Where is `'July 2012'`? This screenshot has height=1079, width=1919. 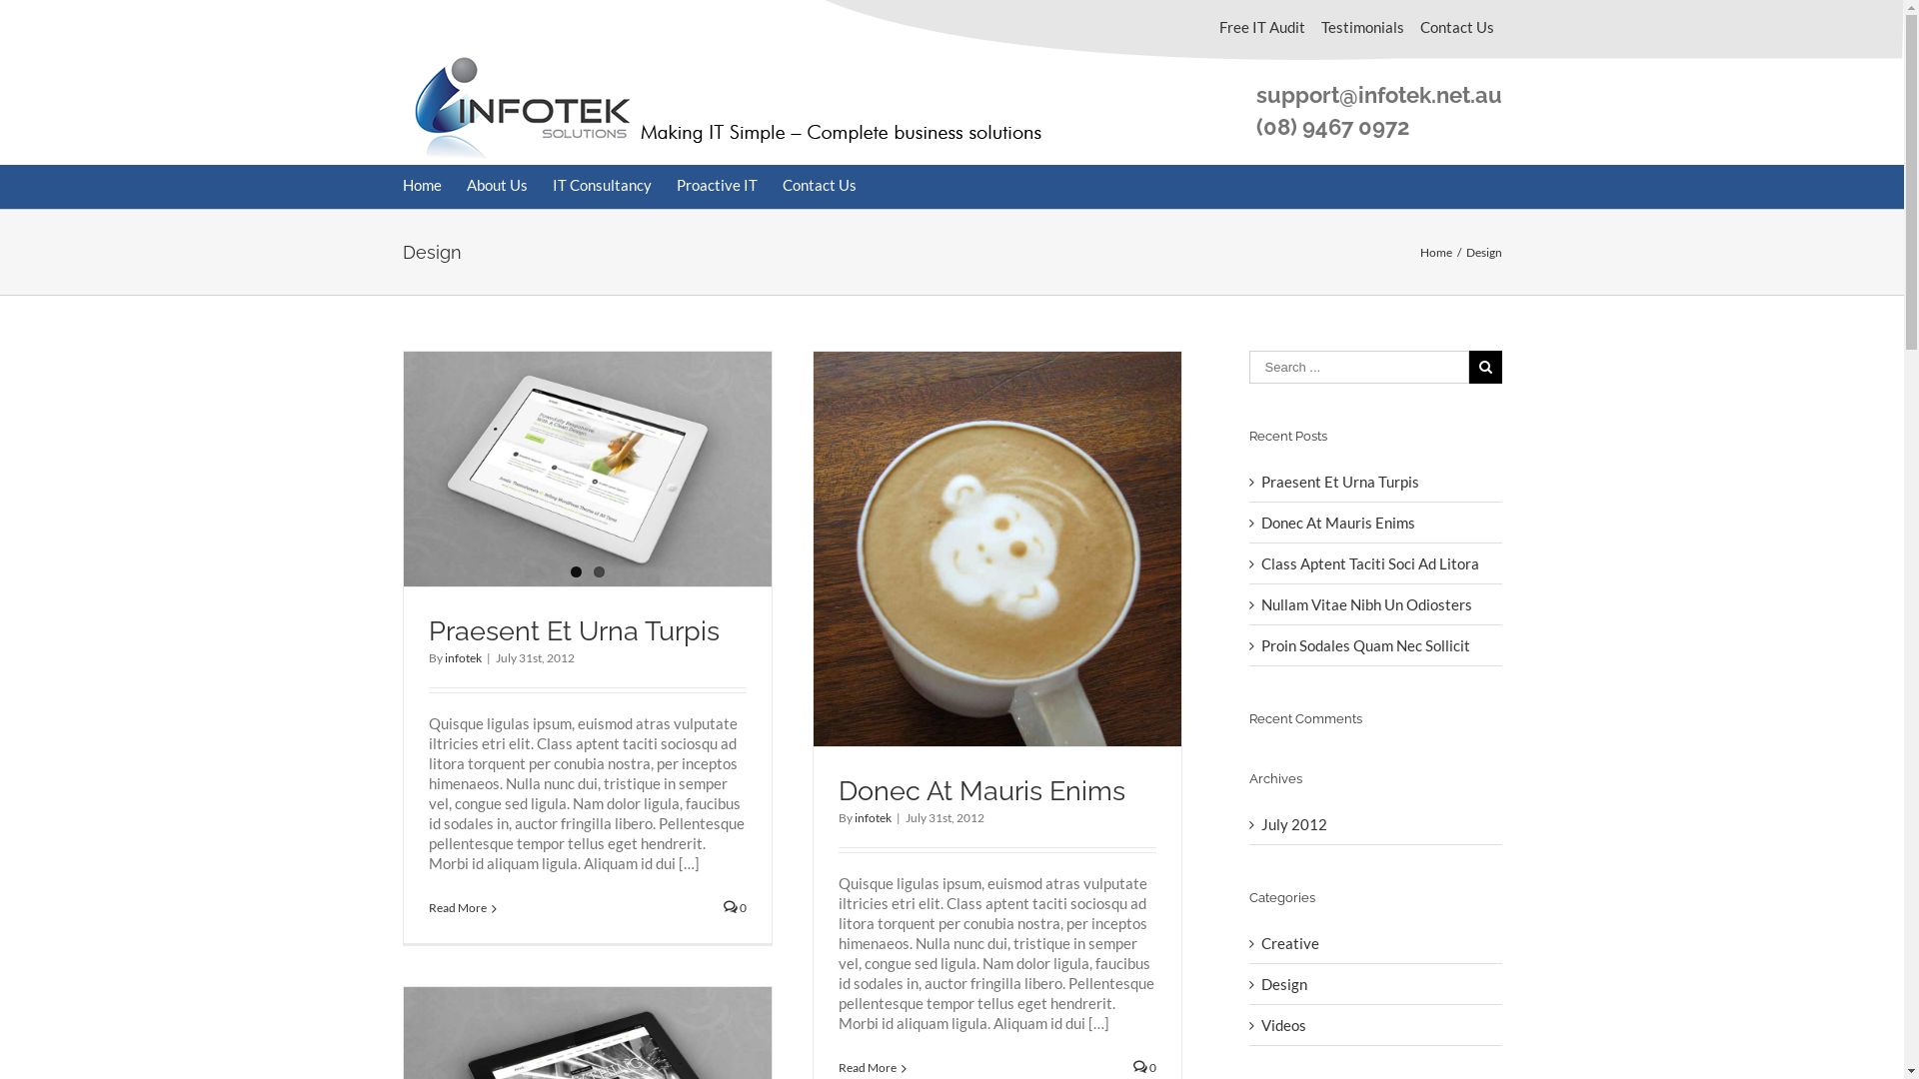 'July 2012' is located at coordinates (1294, 824).